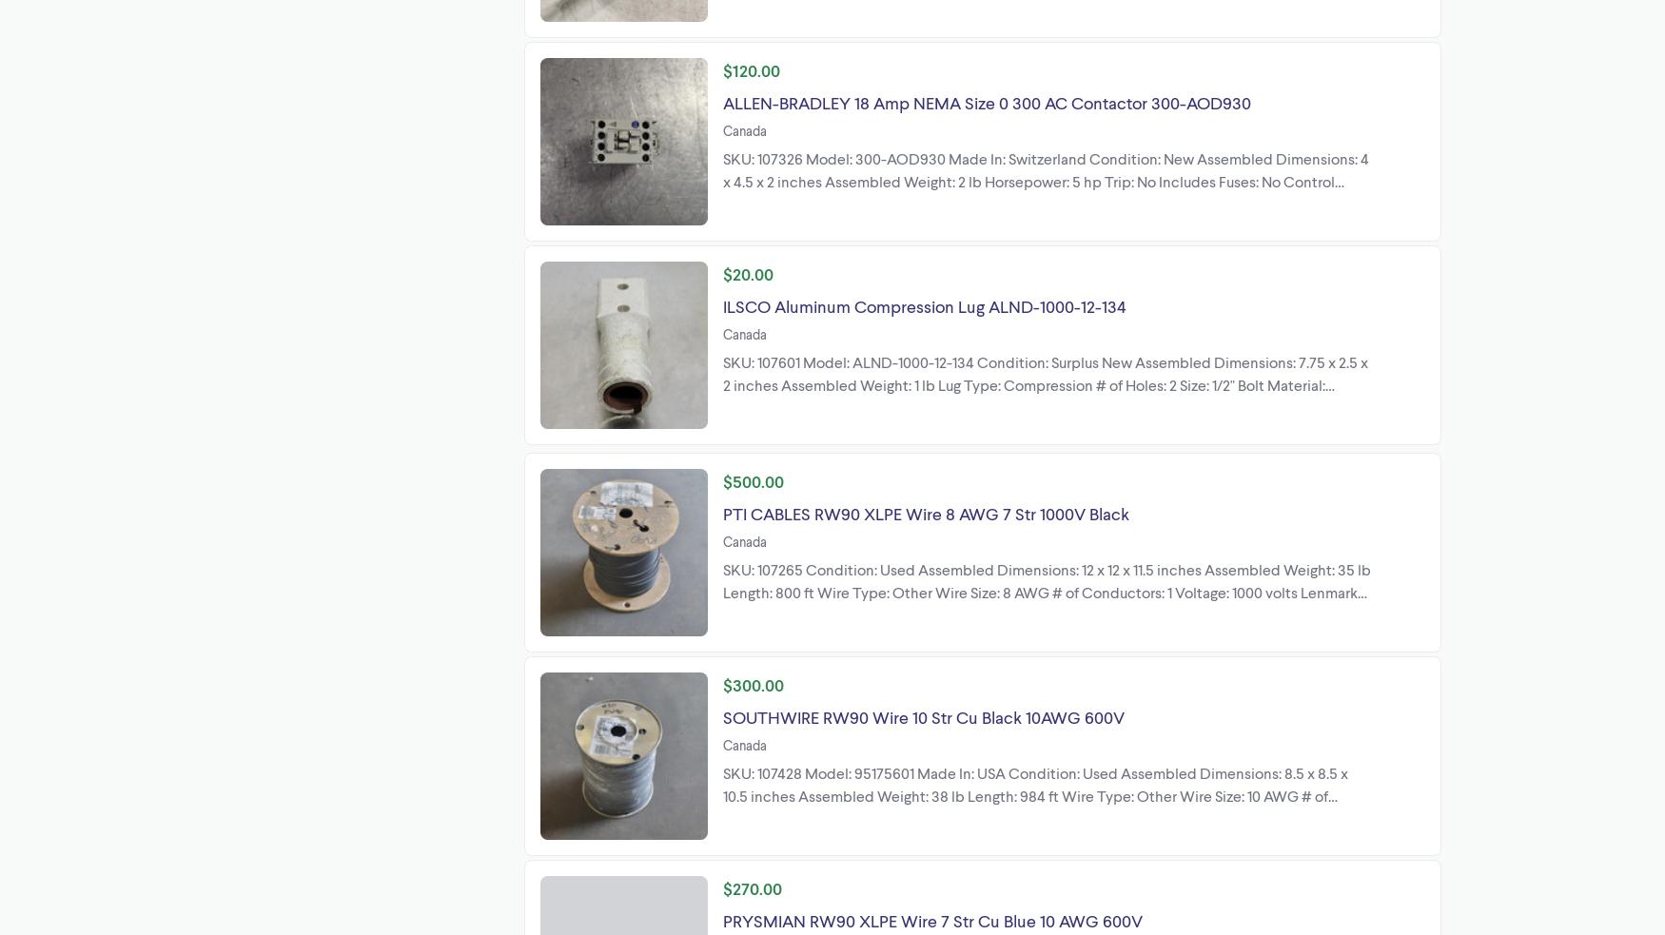  I want to click on 'SKU: 107601 Model: ALND-1000-12-134 Condition: Surplus New Assembled Dimensions: 7.75 x 2.5 x 2 inches Assembled Weight: 1 lb Lug Type: Compression # of Holes: 2 Size: 1/2" Bolt Material: Aluminum Hole Spacing: 1-3/4" Conductor Range: 1000 kcmil Lenmark Industries Ltd 27576 51a Ave Langley, British Columbia Canada', so click(1046, 394).